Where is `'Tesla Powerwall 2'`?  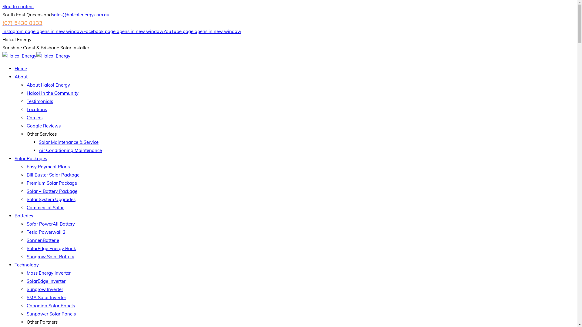 'Tesla Powerwall 2' is located at coordinates (46, 232).